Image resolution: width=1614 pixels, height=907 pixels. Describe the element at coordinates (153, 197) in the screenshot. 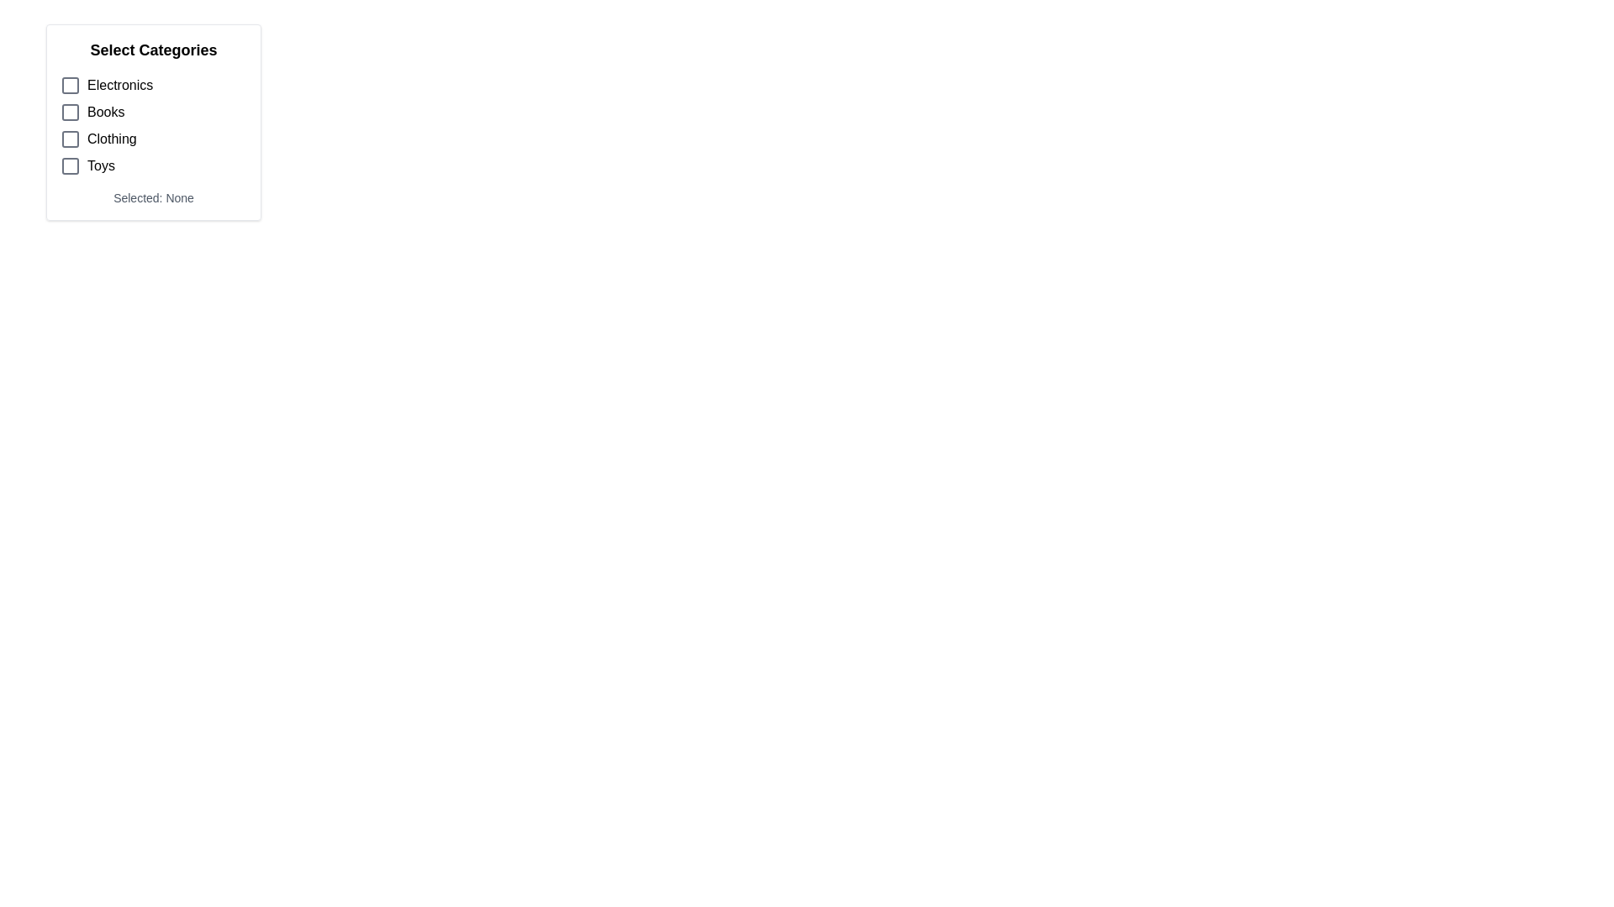

I see `the Text Display that shows the current selection status of categories, located beneath the list of selectable options` at that location.